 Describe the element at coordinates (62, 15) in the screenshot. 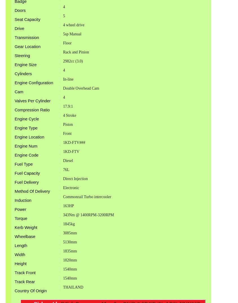

I see `'5'` at that location.